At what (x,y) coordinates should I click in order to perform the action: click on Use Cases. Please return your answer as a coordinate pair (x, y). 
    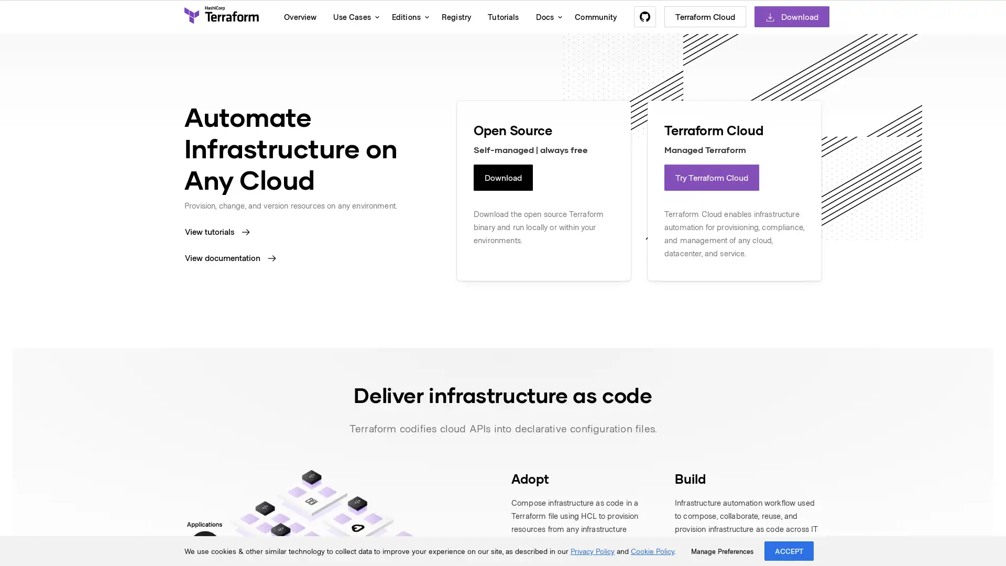
    Looking at the image, I should click on (354, 16).